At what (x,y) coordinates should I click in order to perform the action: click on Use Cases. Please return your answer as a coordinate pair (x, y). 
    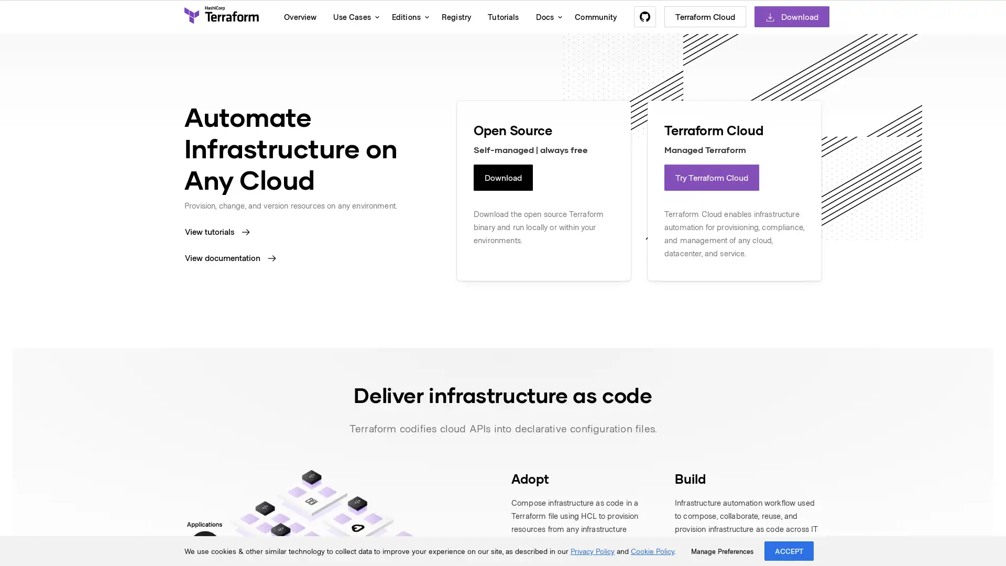
    Looking at the image, I should click on (354, 16).